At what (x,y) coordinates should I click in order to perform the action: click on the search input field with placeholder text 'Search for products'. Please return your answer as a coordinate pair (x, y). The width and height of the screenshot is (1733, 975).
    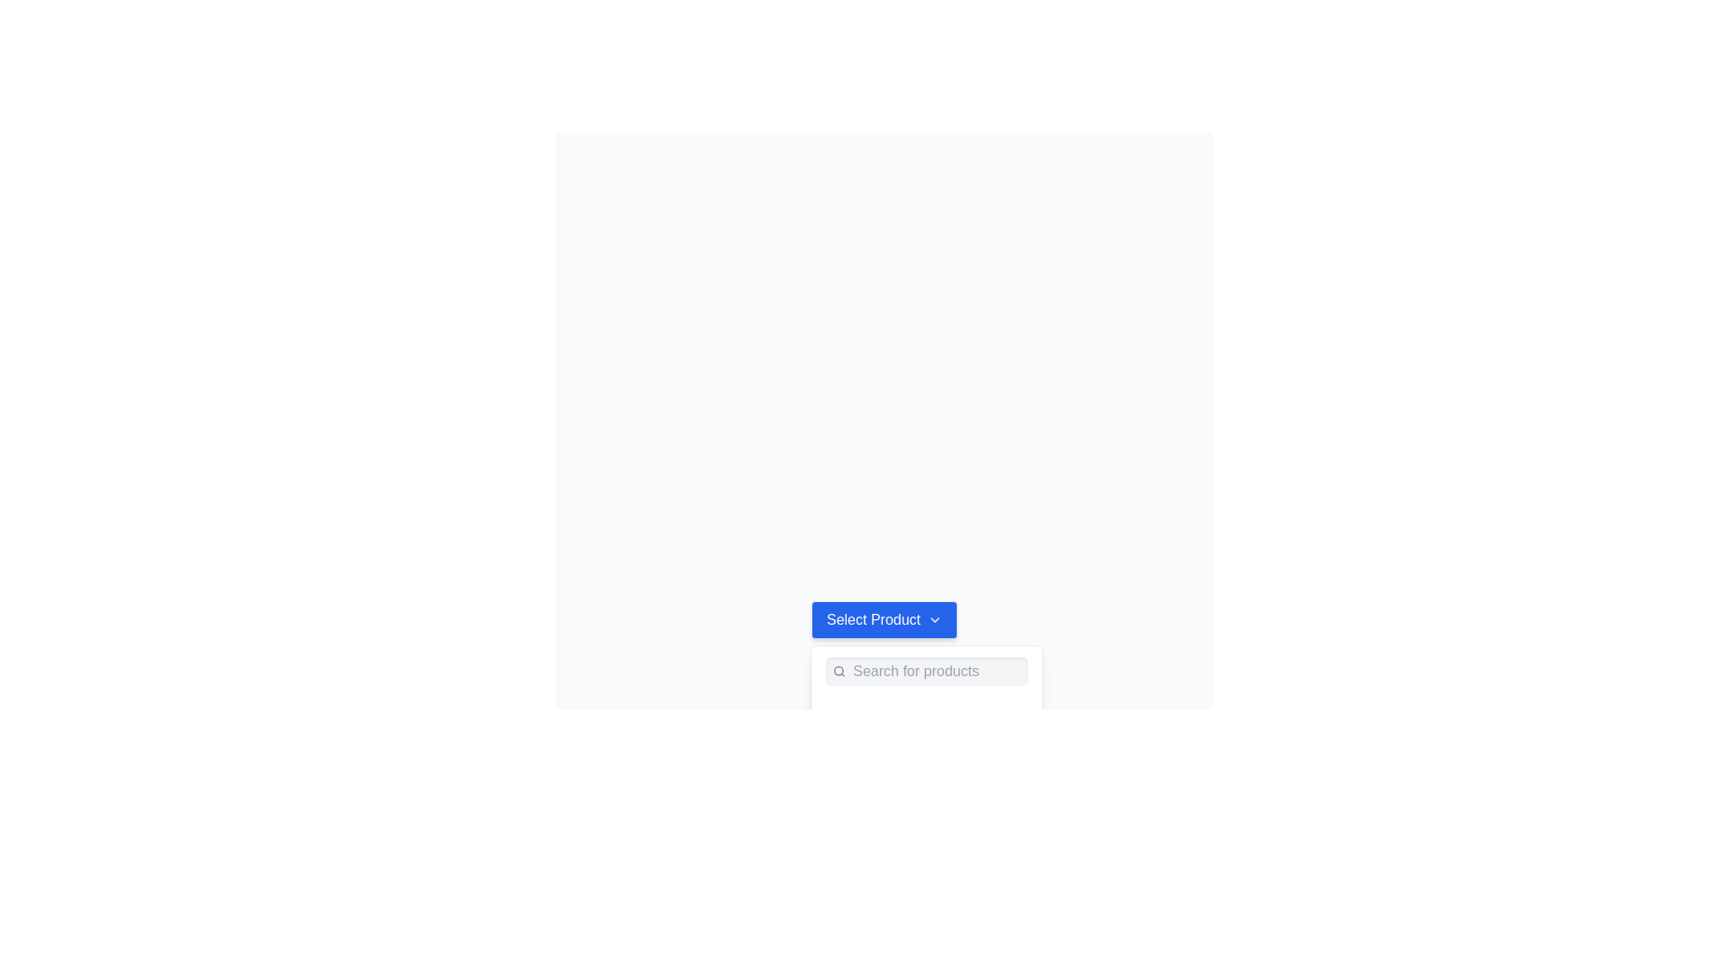
    Looking at the image, I should click on (936, 672).